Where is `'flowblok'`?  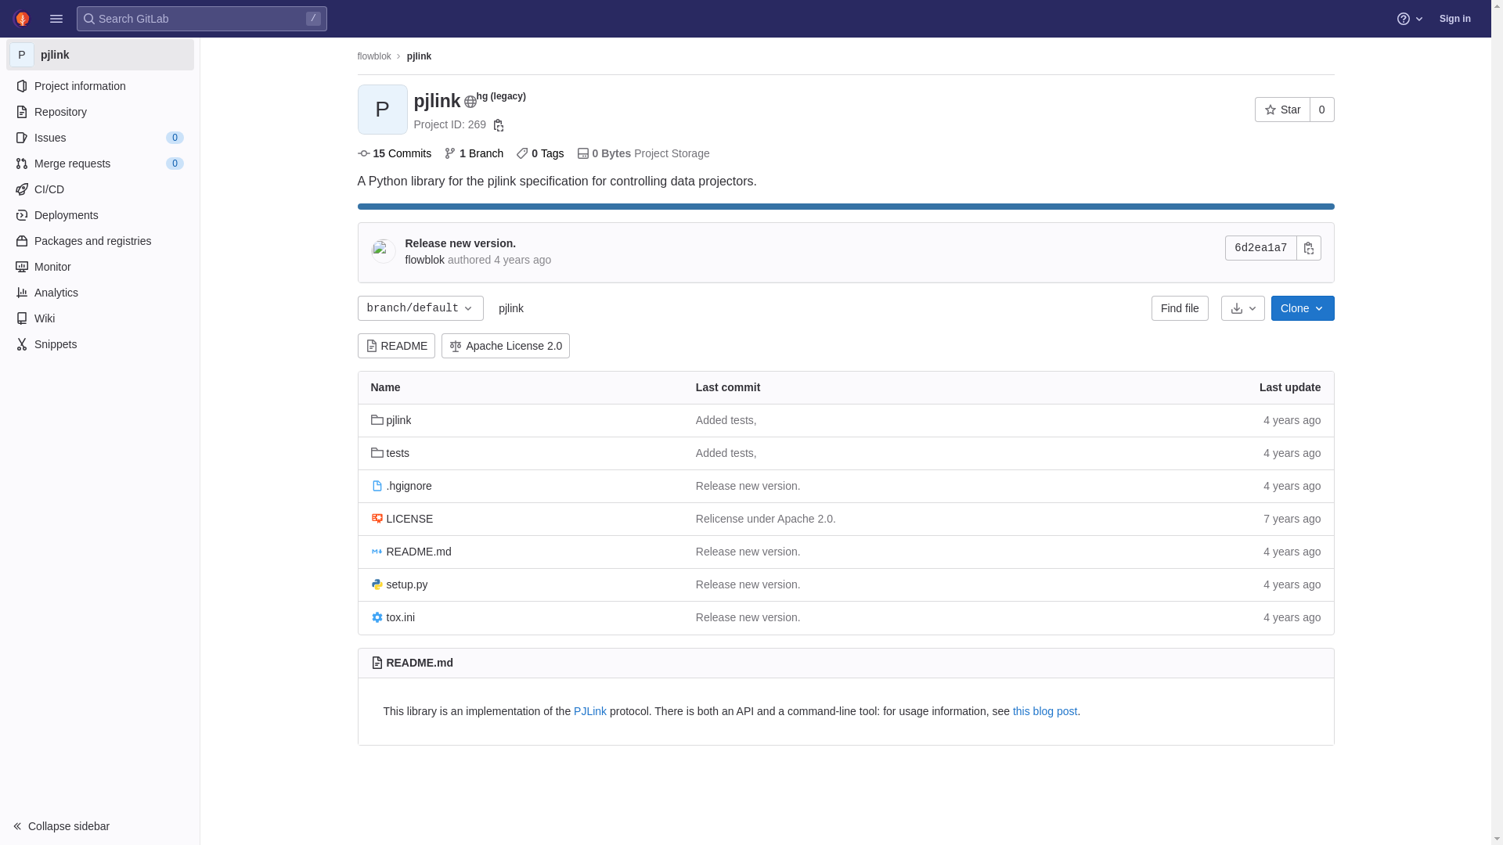
'flowblok' is located at coordinates (356, 56).